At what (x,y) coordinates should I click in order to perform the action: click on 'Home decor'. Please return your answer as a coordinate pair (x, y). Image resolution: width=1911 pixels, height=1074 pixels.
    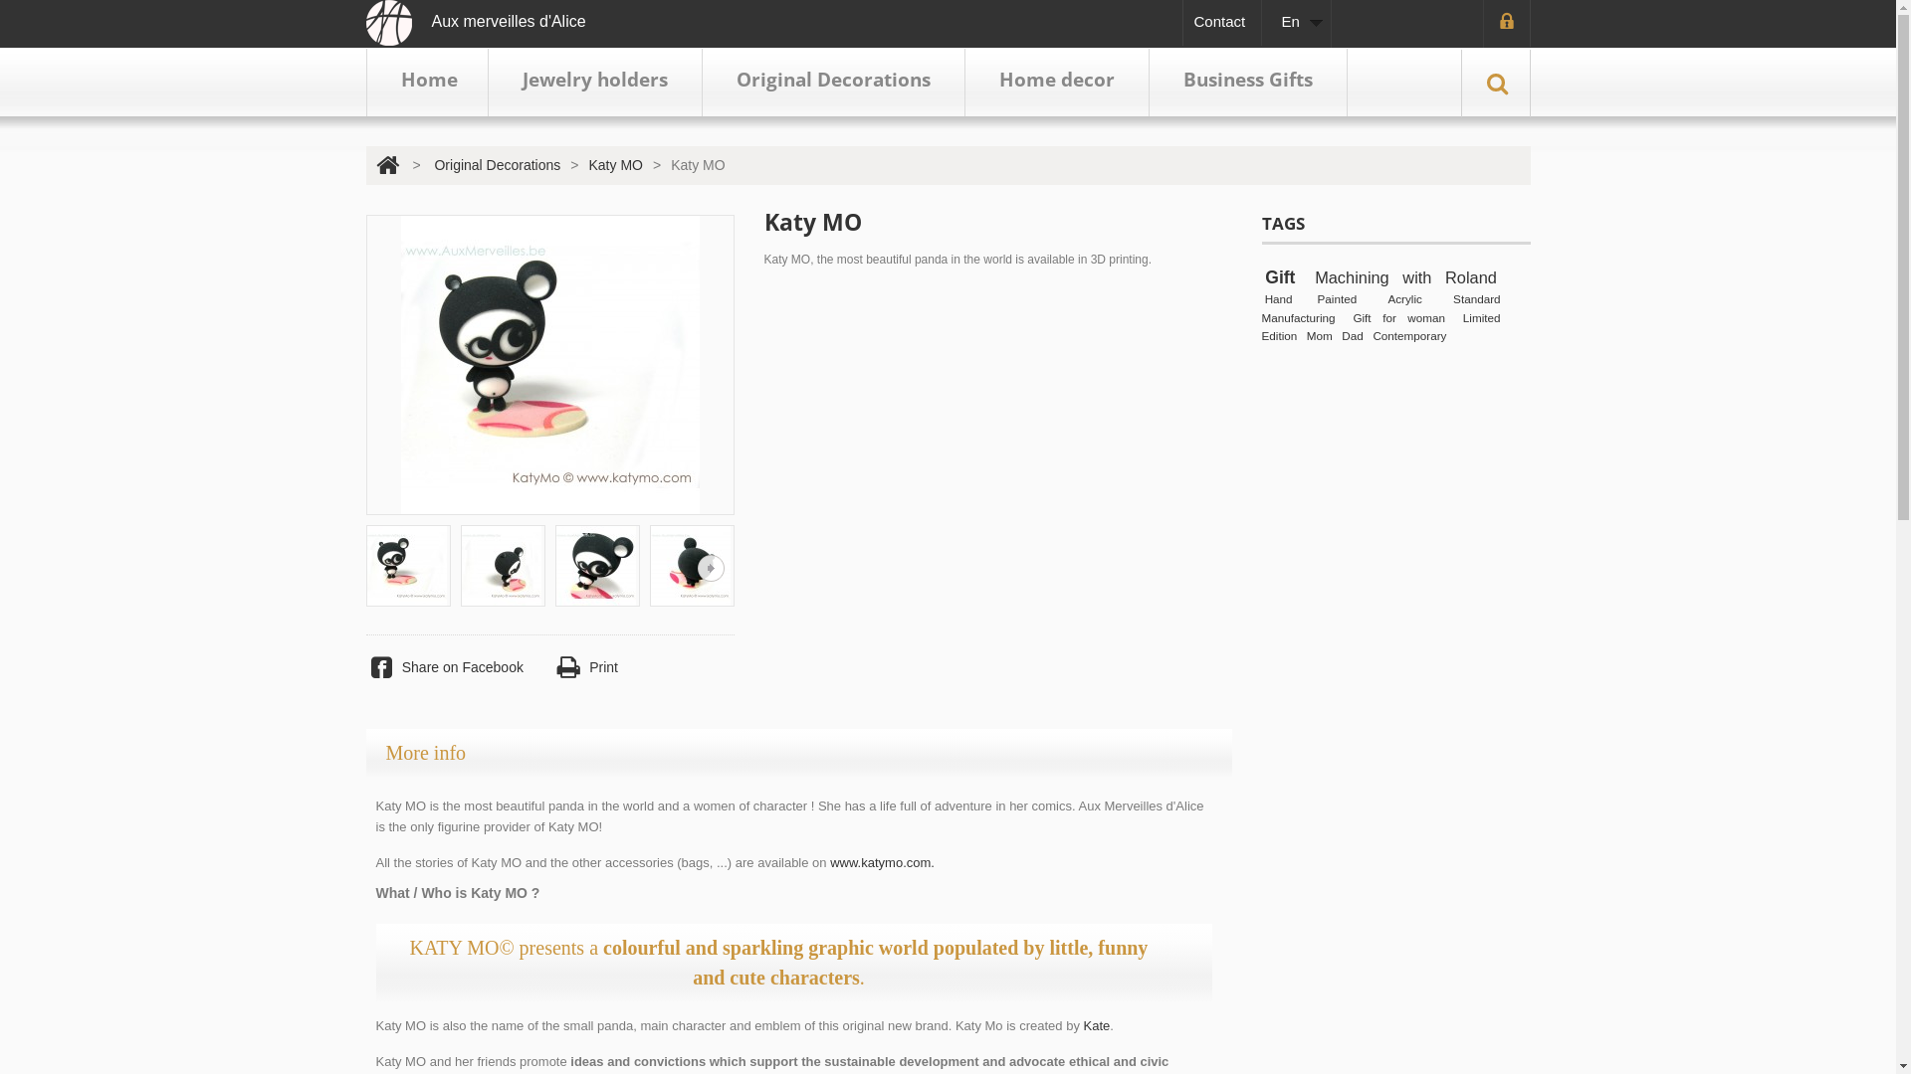
    Looking at the image, I should click on (1055, 82).